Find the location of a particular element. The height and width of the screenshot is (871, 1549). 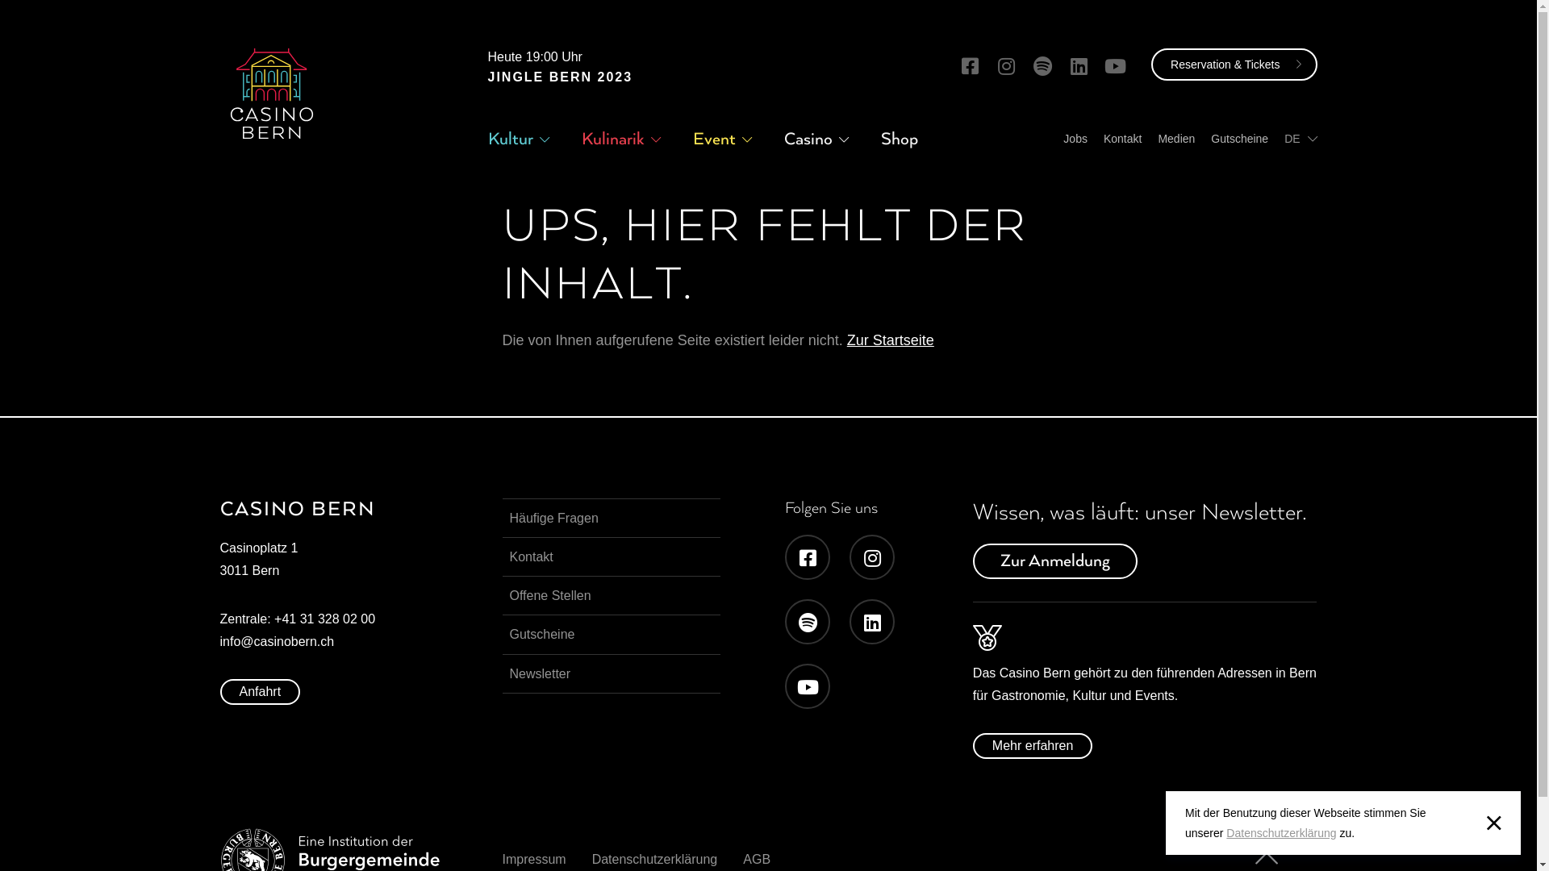

'Reservation & Tickets' is located at coordinates (1233, 64).